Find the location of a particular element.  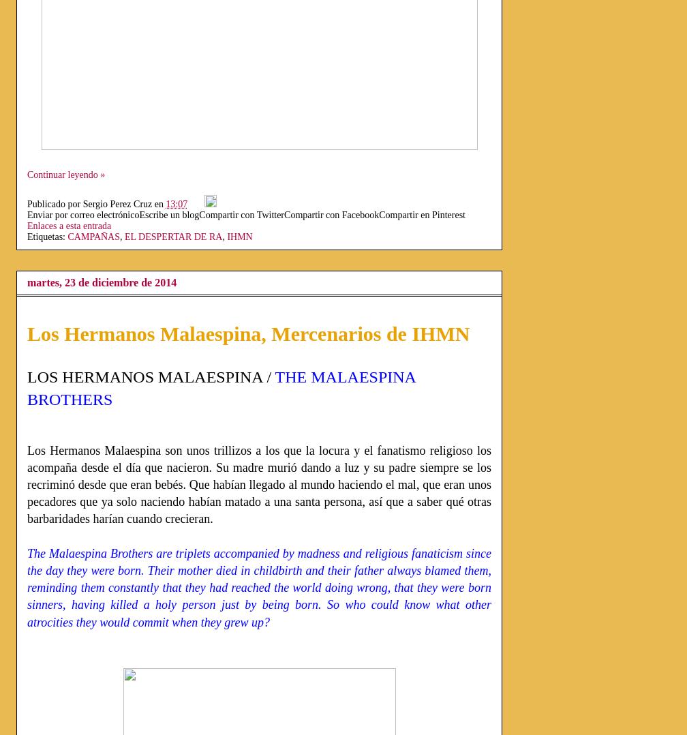

'Enviar por correo electrónico' is located at coordinates (82, 213).